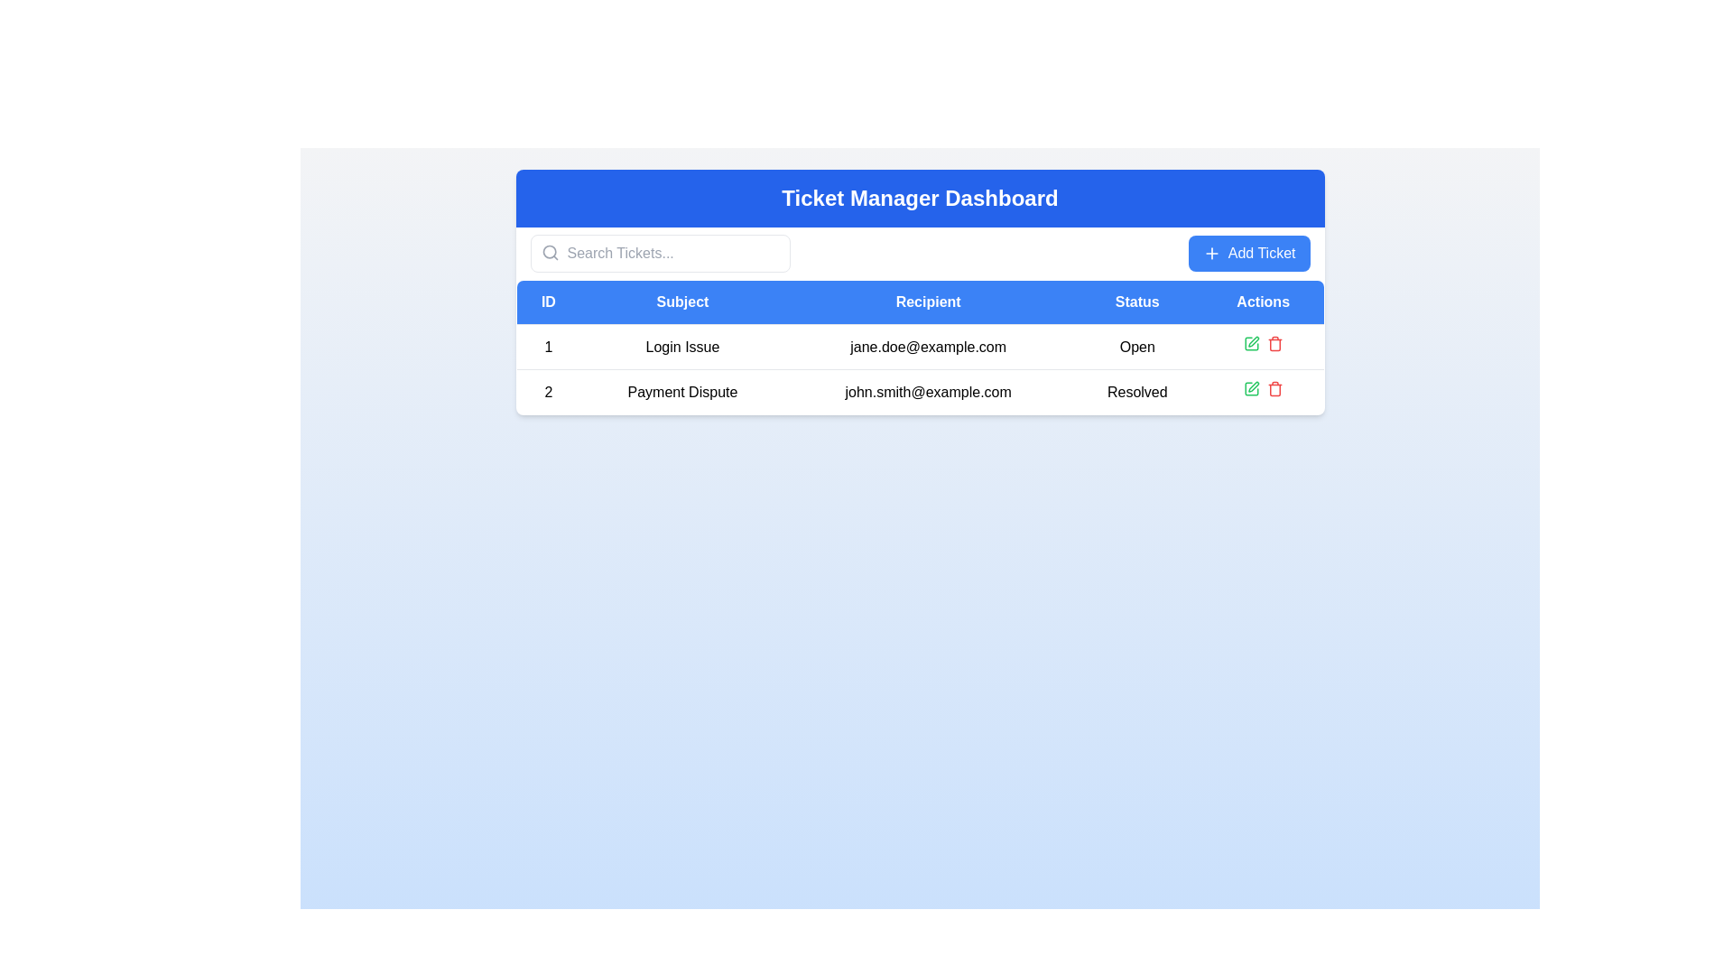 The width and height of the screenshot is (1733, 975). I want to click on the static text label in the 'ID' column of the first row of the table, which serves as the identifier for the associated row in the table, so click(547, 347).